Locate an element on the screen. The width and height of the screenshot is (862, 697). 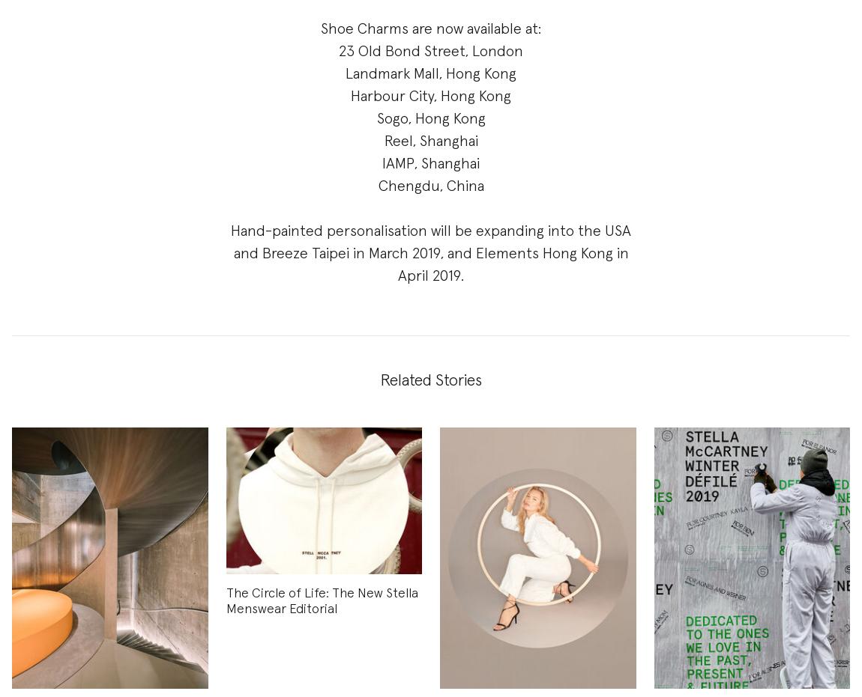
'IAMP, Shanghai' is located at coordinates (382, 163).